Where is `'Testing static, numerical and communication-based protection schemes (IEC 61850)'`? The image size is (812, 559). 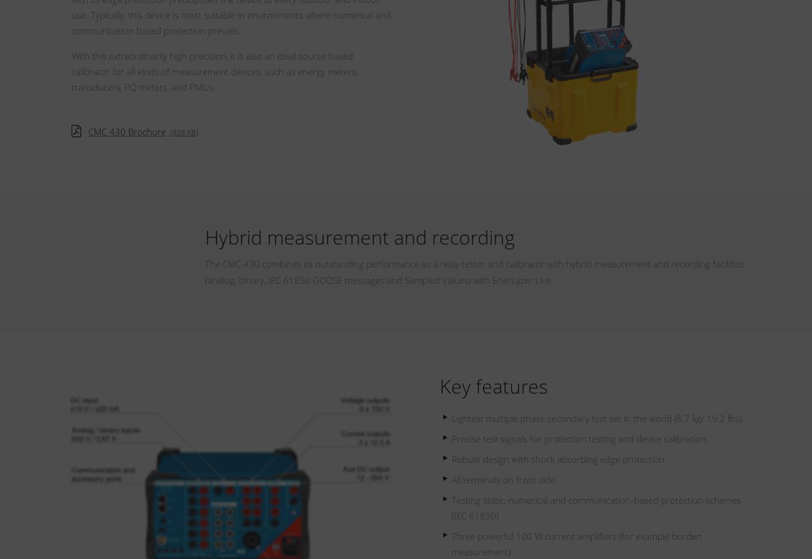
'Testing static, numerical and communication-based protection schemes (IEC 61850)' is located at coordinates (595, 507).